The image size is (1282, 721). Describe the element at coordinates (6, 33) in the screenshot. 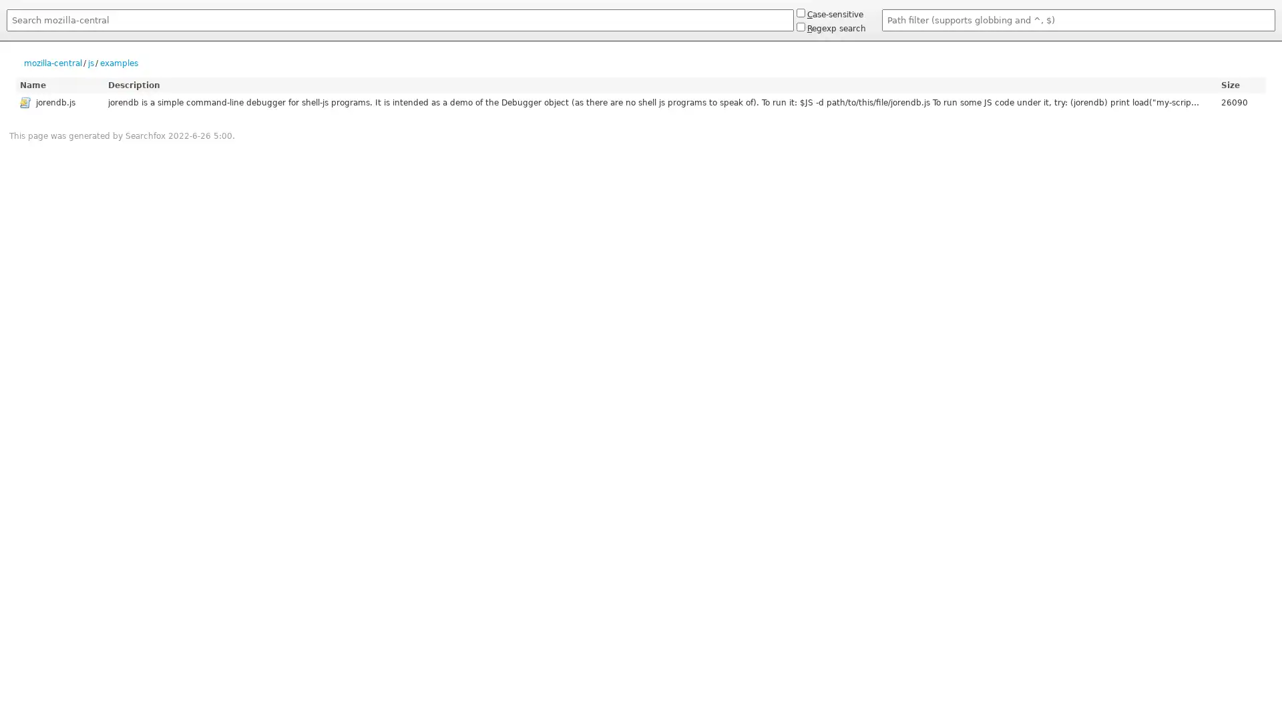

I see `Search` at that location.